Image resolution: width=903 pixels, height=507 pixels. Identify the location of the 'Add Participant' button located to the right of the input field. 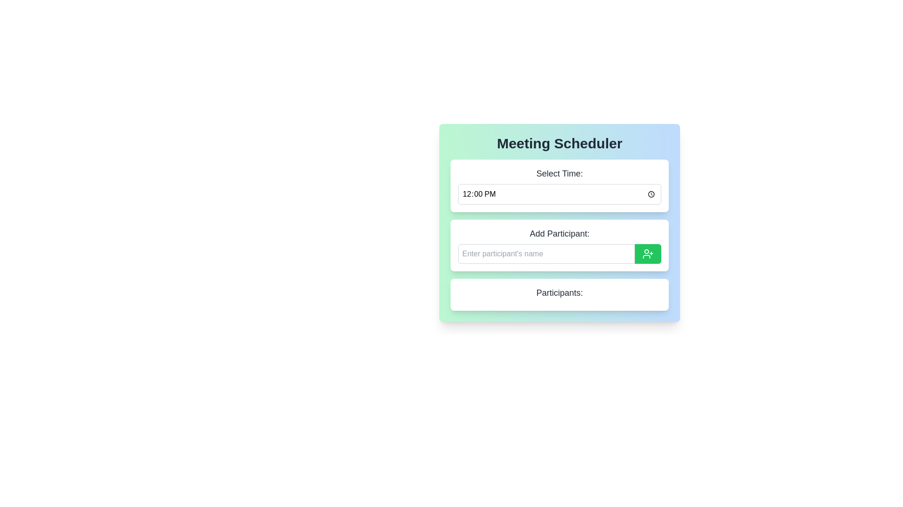
(647, 253).